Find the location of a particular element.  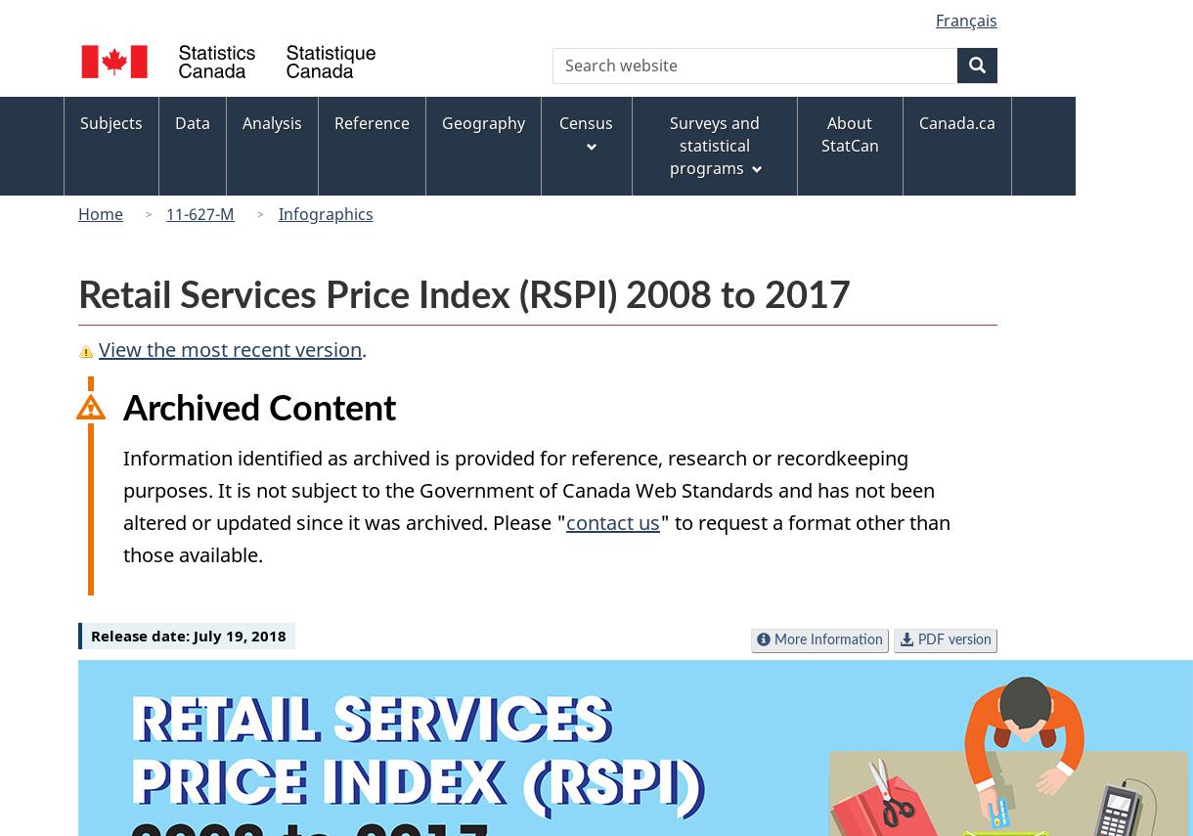

'Français' is located at coordinates (935, 21).